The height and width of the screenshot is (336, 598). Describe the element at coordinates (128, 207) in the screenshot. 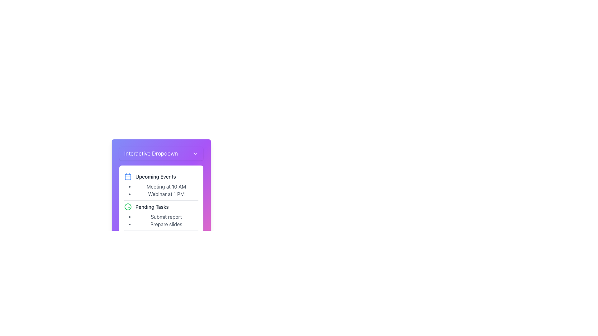

I see `the clock icon representing the 'Pending Tasks' section, located at the leftmost part of the row in the dropdown menu` at that location.